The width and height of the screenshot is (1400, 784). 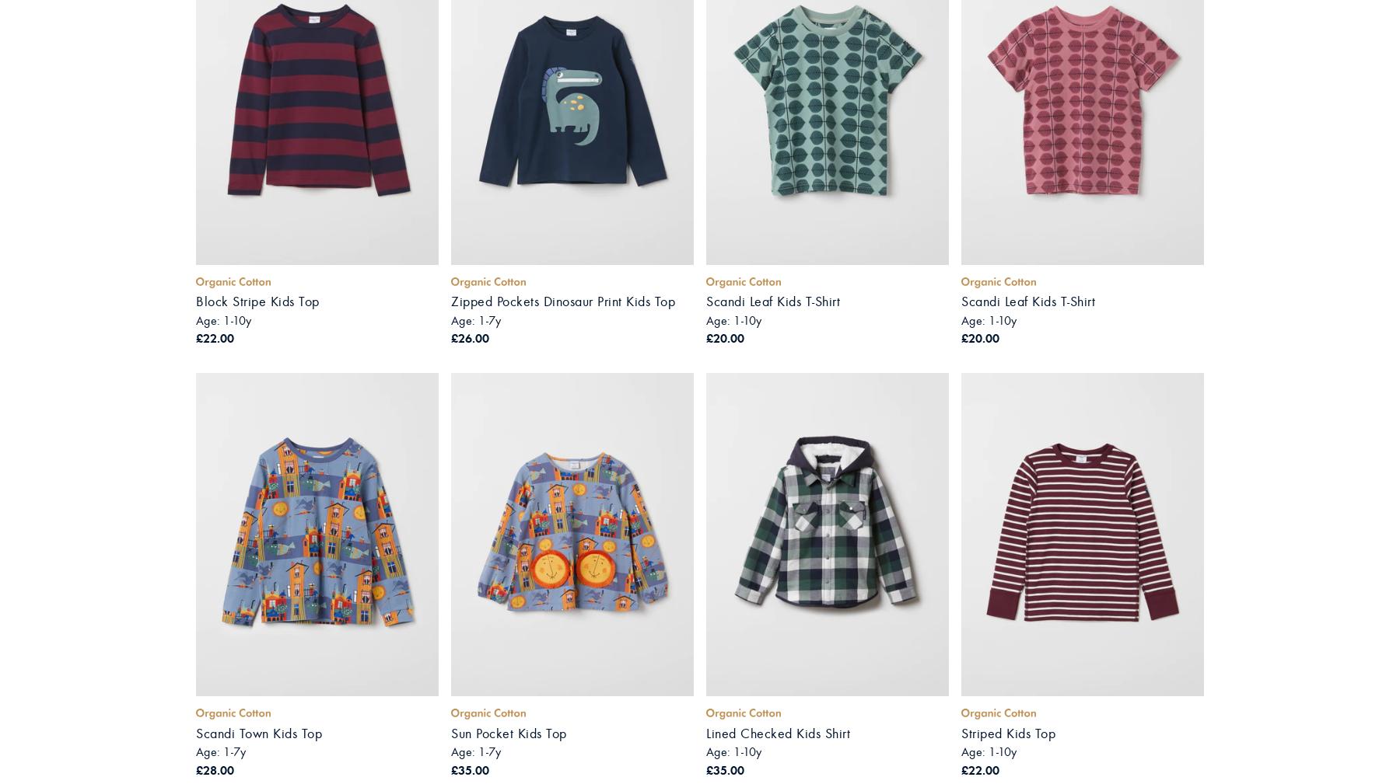 I want to click on '£26.00', so click(x=470, y=336).